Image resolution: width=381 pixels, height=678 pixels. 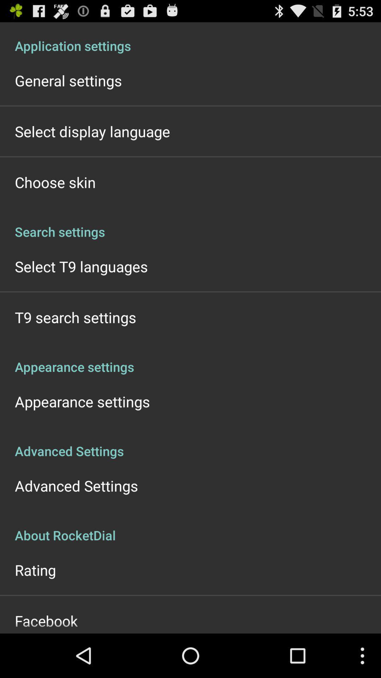 What do you see at coordinates (35, 570) in the screenshot?
I see `the icon above the facebook item` at bounding box center [35, 570].